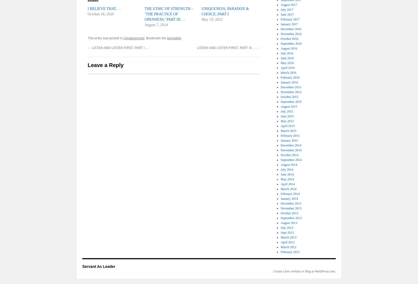 The height and width of the screenshot is (284, 418). What do you see at coordinates (181, 38) in the screenshot?
I see `'.'` at bounding box center [181, 38].